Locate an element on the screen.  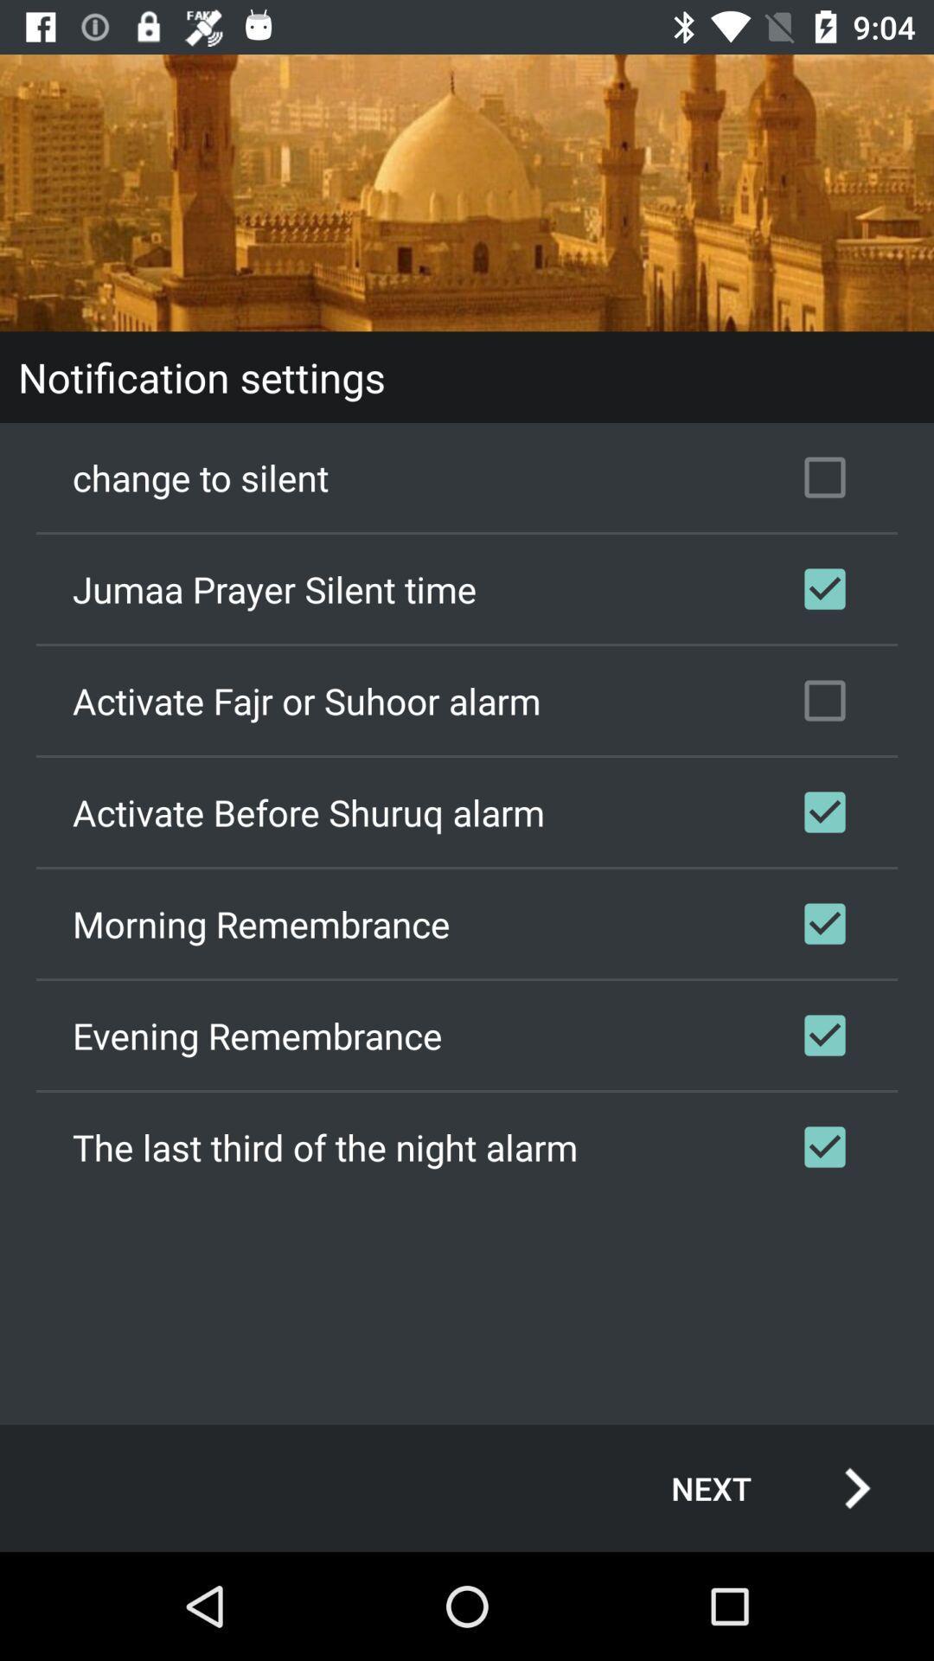
the change to silent item is located at coordinates (467, 478).